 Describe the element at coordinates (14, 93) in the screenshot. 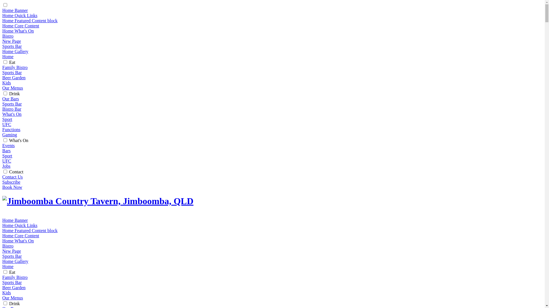

I see `'Drink'` at that location.